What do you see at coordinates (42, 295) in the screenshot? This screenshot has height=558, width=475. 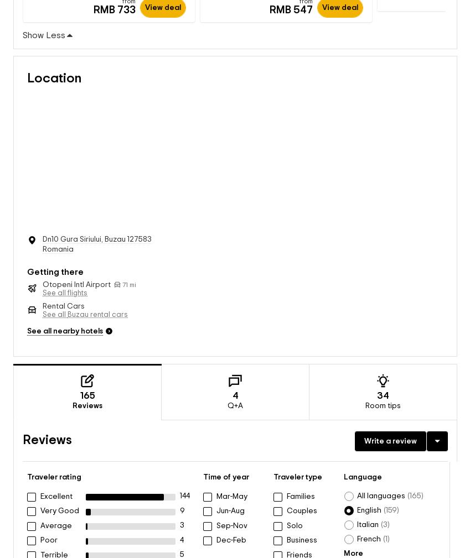 I see `'Rental Cars'` at bounding box center [42, 295].